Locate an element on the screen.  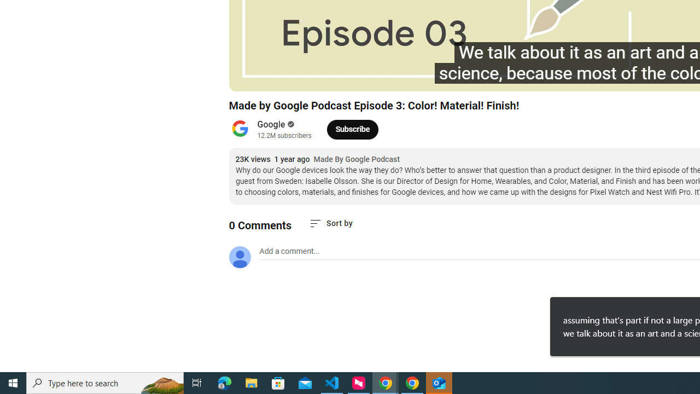
'Microsoft Store' is located at coordinates (278, 382).